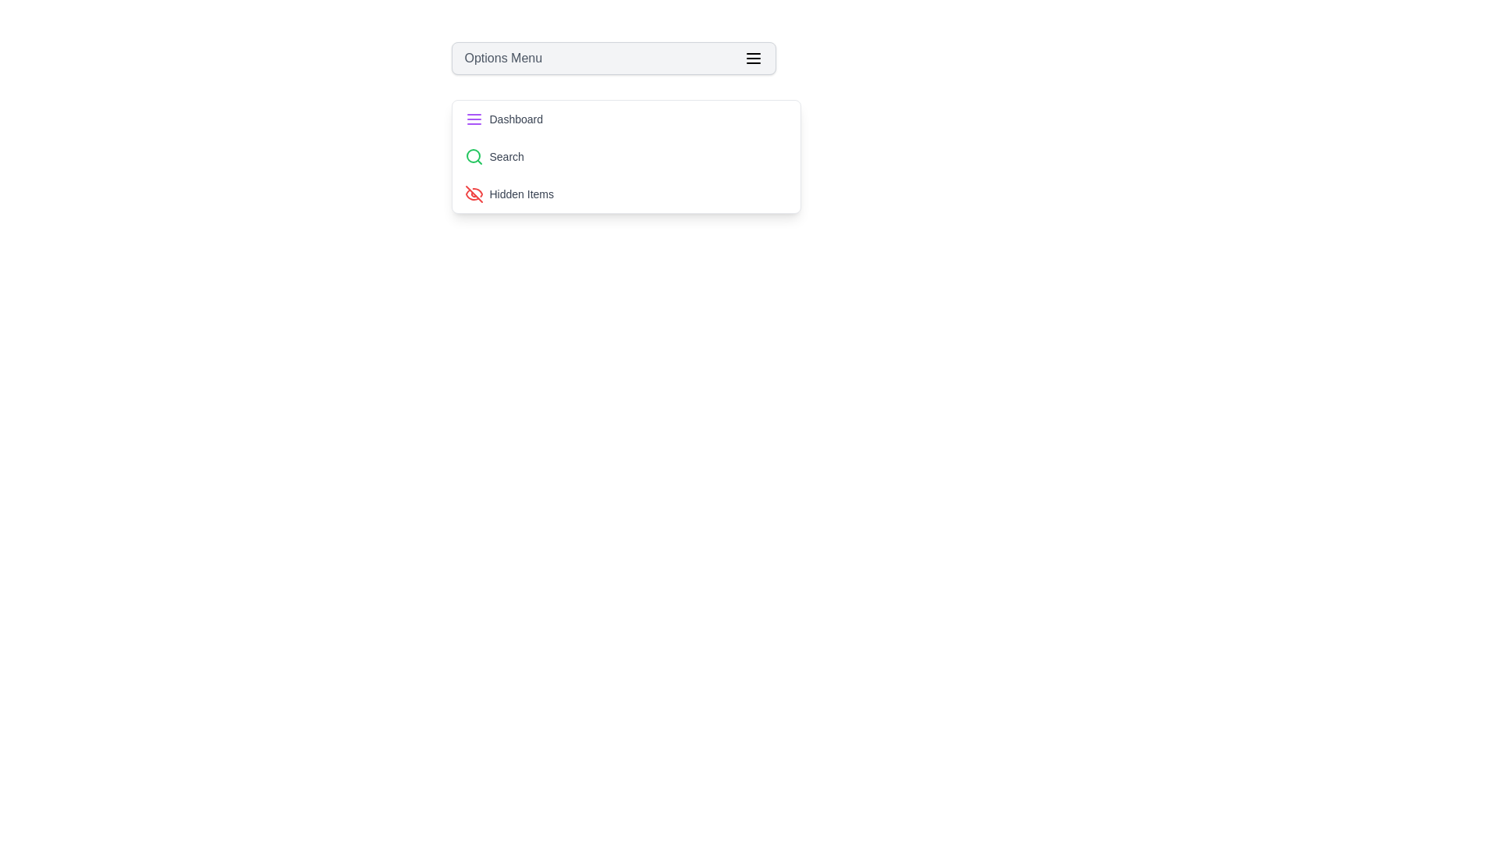 The image size is (1498, 843). What do you see at coordinates (473, 156) in the screenshot?
I see `the vivid green magnifying glass icon located to the left of the 'Search' text in the options menu` at bounding box center [473, 156].